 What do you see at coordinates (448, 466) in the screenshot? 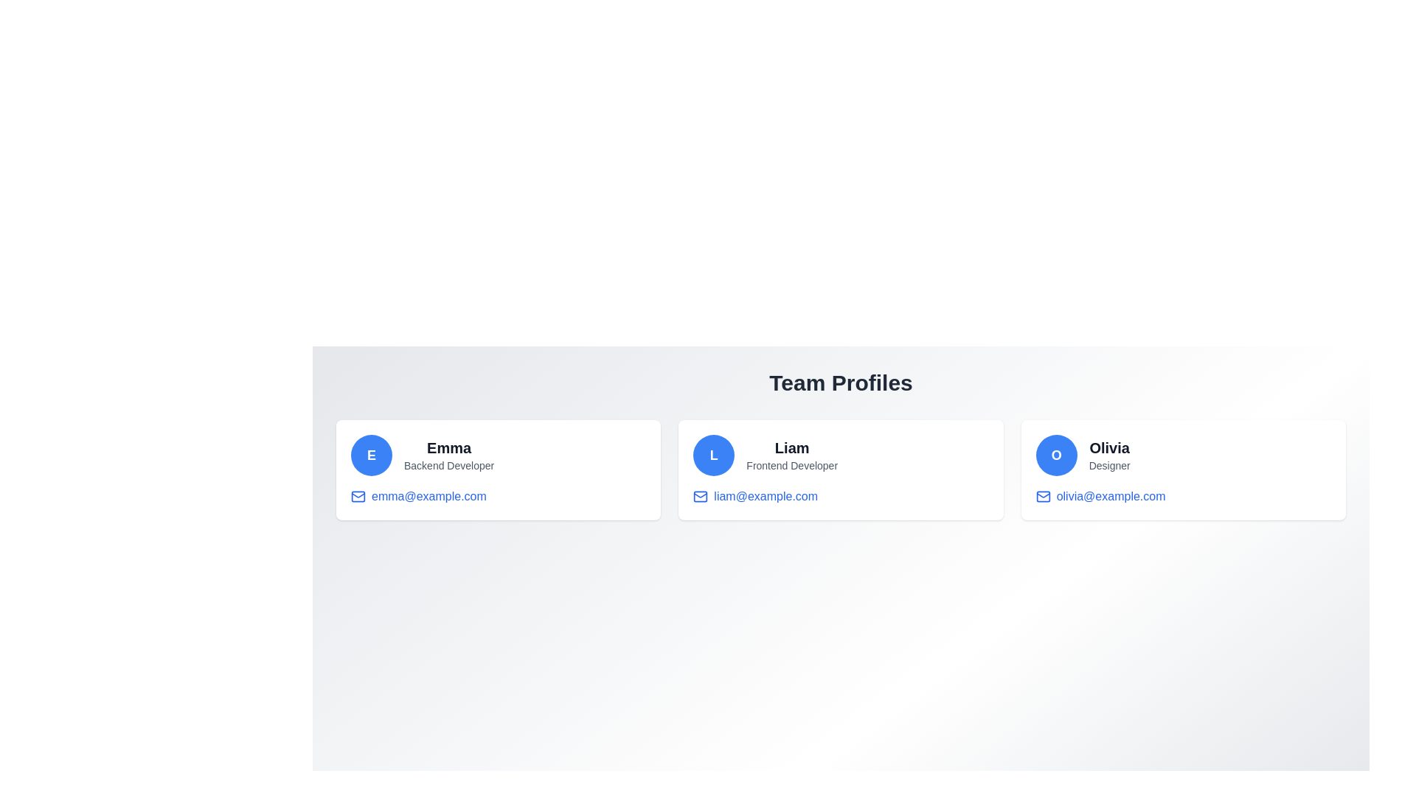
I see `the text label displaying 'Backend Developer' located below the name 'Emma' and above the email address 'emma@example.com' in the leftmost profile card` at bounding box center [448, 466].